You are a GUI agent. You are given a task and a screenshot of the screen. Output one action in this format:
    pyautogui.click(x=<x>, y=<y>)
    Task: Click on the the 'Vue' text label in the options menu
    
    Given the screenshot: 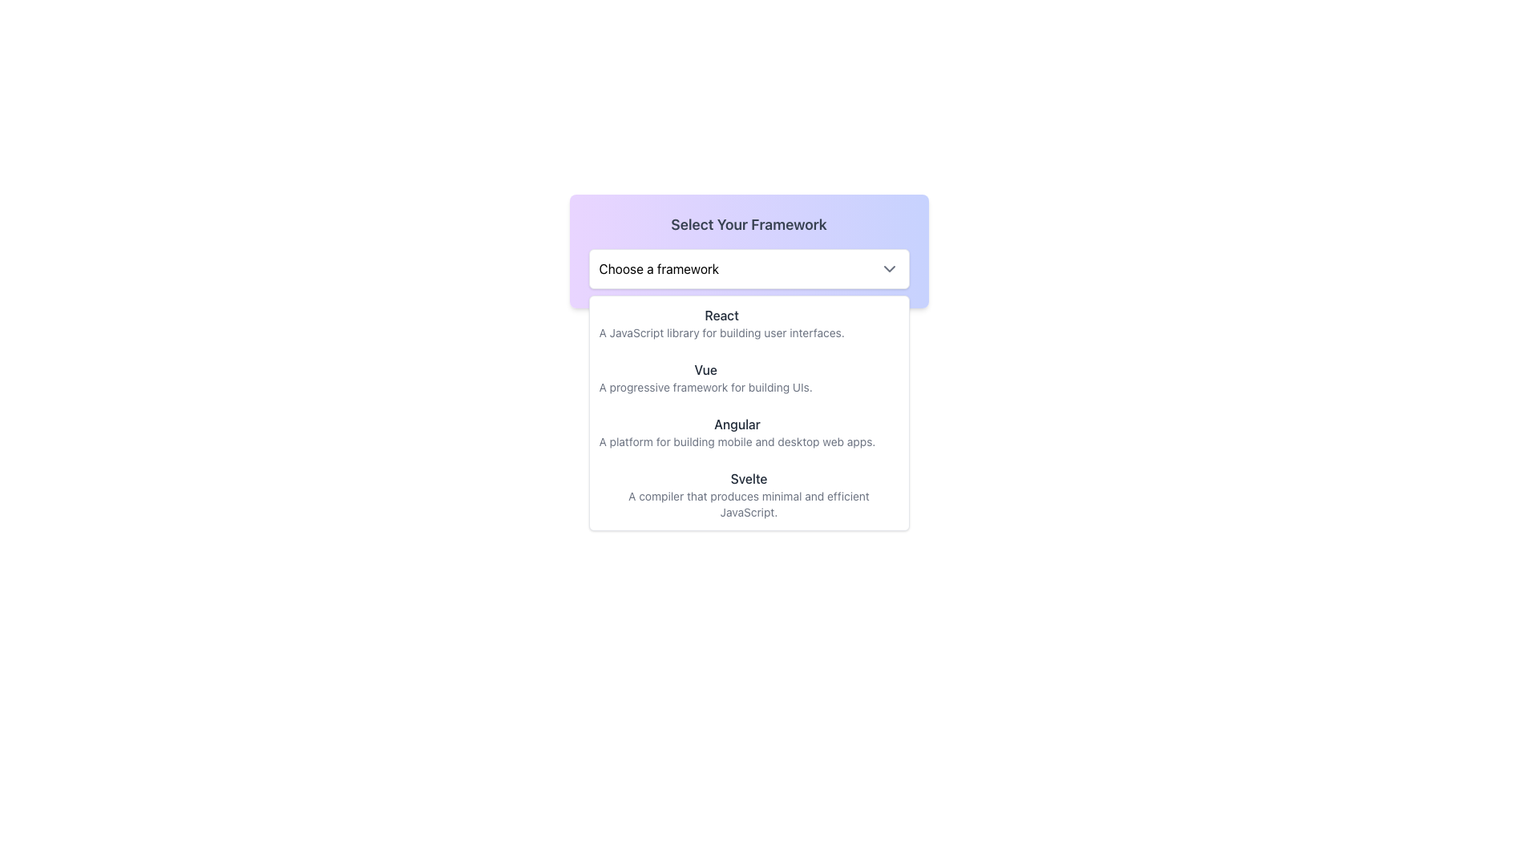 What is the action you would take?
    pyautogui.click(x=705, y=370)
    